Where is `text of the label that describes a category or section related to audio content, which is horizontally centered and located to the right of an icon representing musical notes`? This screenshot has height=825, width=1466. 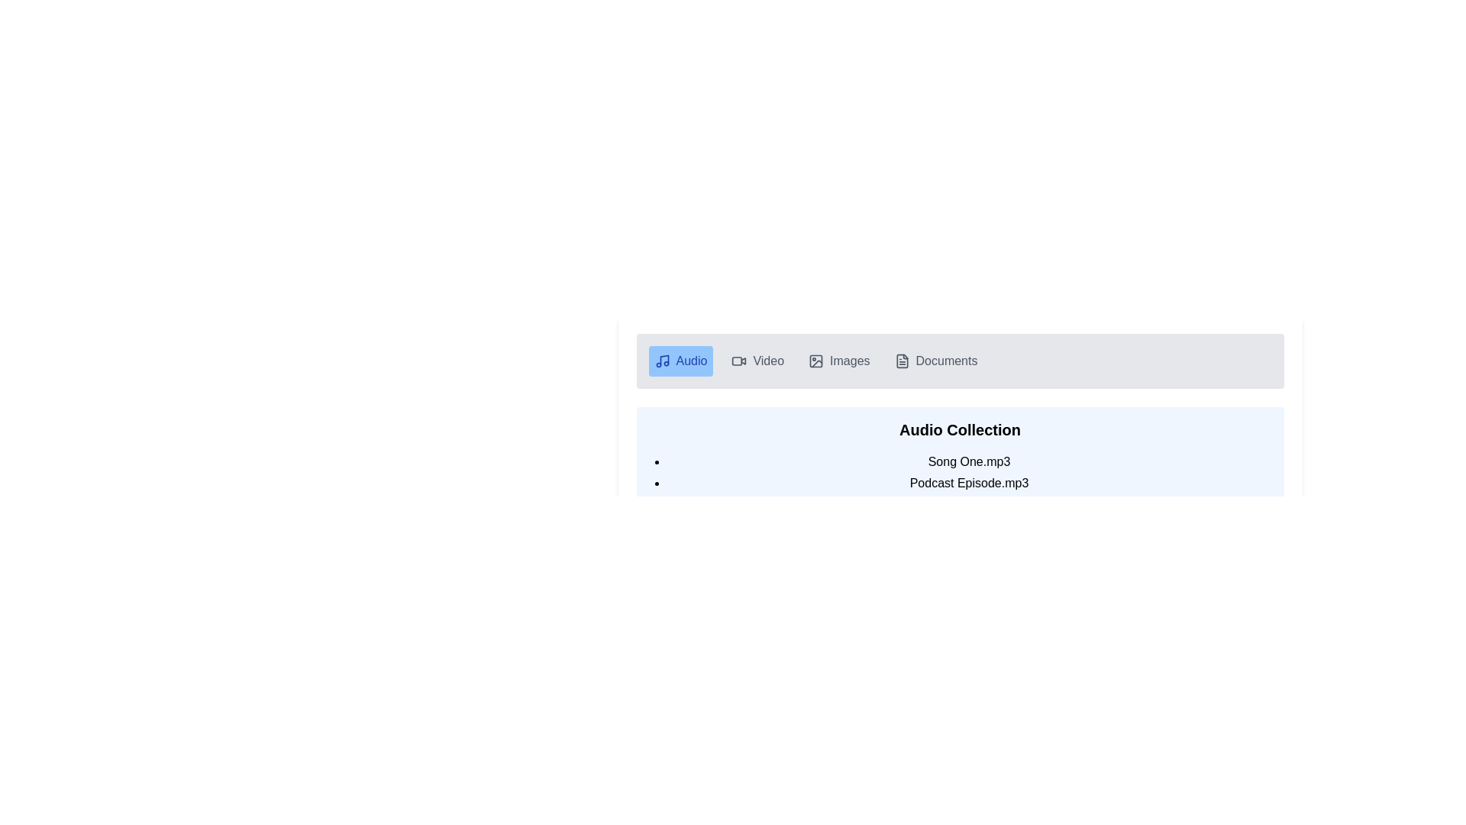 text of the label that describes a category or section related to audio content, which is horizontally centered and located to the right of an icon representing musical notes is located at coordinates (691, 361).